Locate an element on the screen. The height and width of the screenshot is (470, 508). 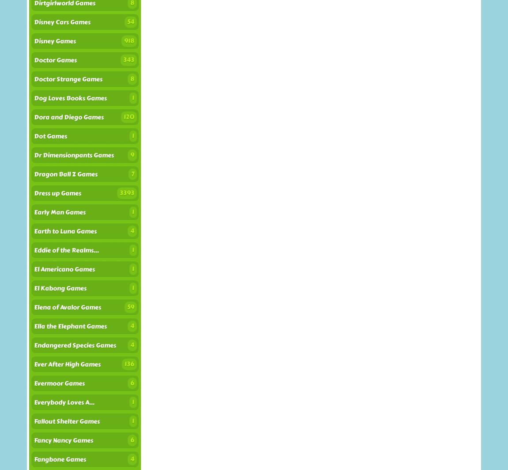
'Dora and Diego Games' is located at coordinates (68, 117).